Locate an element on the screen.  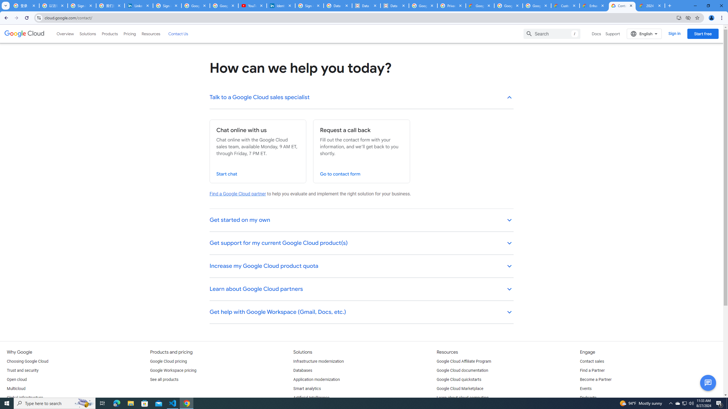
'Enhanced Support | Google Cloud' is located at coordinates (593, 5).